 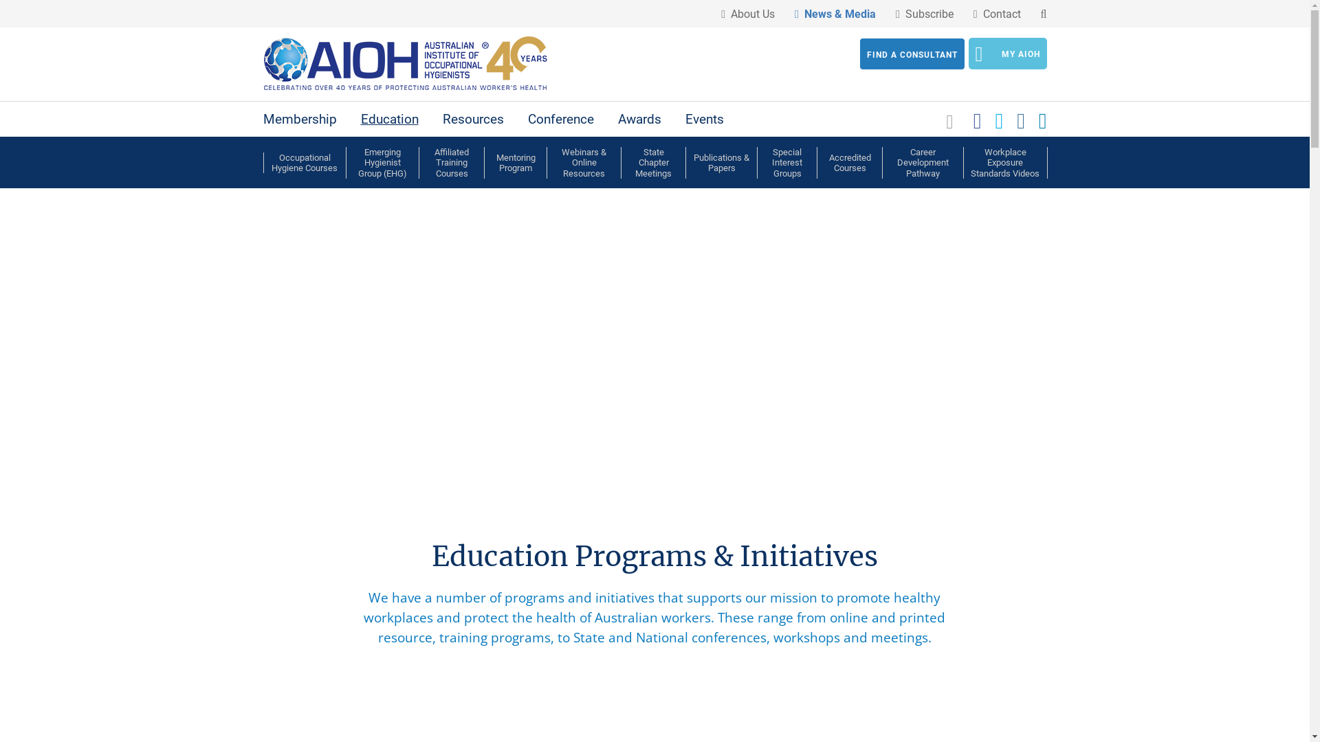 I want to click on 'Special Interest Groups', so click(x=787, y=161).